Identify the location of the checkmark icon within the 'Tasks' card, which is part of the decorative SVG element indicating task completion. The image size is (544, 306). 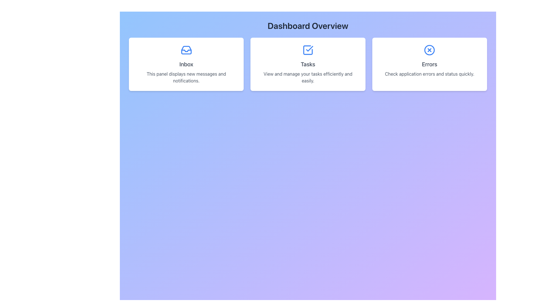
(309, 48).